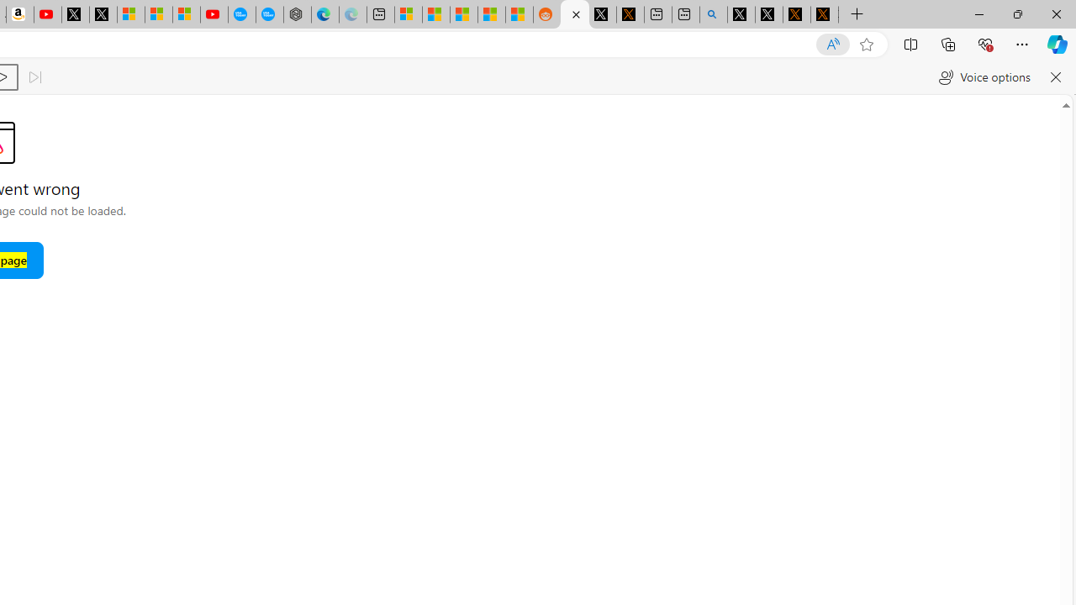 Image resolution: width=1076 pixels, height=605 pixels. What do you see at coordinates (767, 14) in the screenshot?
I see `'GitHub (@github) / X'` at bounding box center [767, 14].